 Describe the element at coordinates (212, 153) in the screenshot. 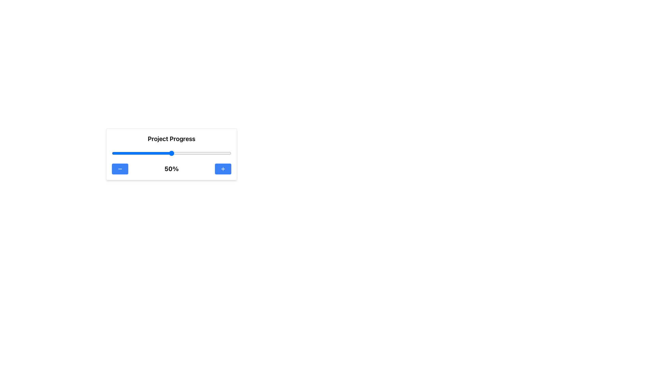

I see `the project progress` at that location.